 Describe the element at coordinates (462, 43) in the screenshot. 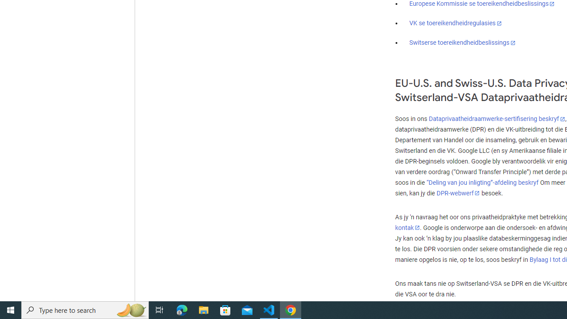

I see `'Switserse toereikendheidbeslissings'` at that location.